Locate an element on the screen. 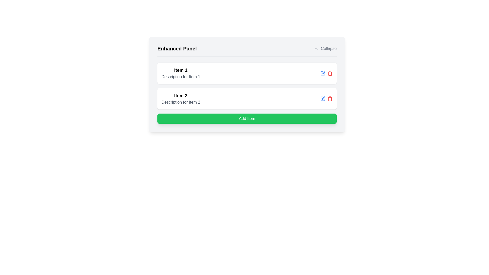  the 'Enhanced Panel' textual header, which is bold and larger in font size, located at the top-left corner of its section is located at coordinates (177, 49).